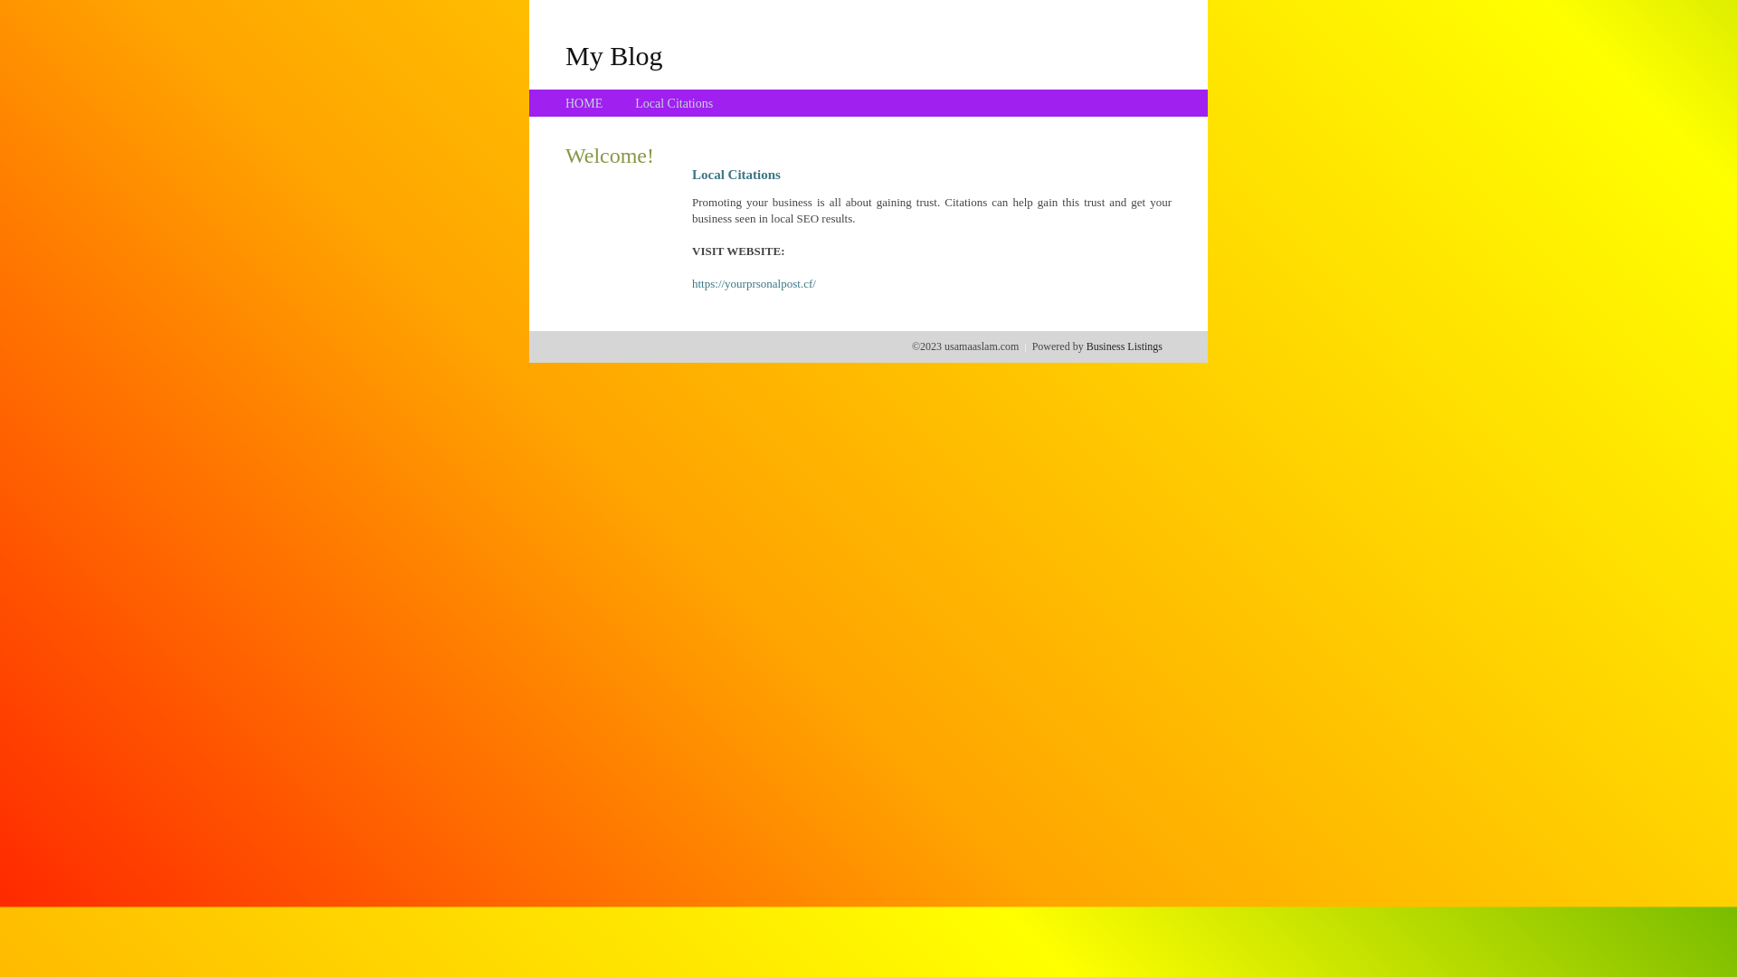 Image resolution: width=1737 pixels, height=977 pixels. I want to click on 'My Blog', so click(613, 54).